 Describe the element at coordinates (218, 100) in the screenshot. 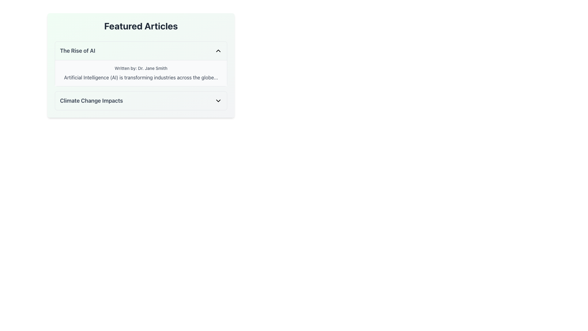

I see `the chevron-down icon button located to the far right of the 'Climate Change Impacts' text` at that location.